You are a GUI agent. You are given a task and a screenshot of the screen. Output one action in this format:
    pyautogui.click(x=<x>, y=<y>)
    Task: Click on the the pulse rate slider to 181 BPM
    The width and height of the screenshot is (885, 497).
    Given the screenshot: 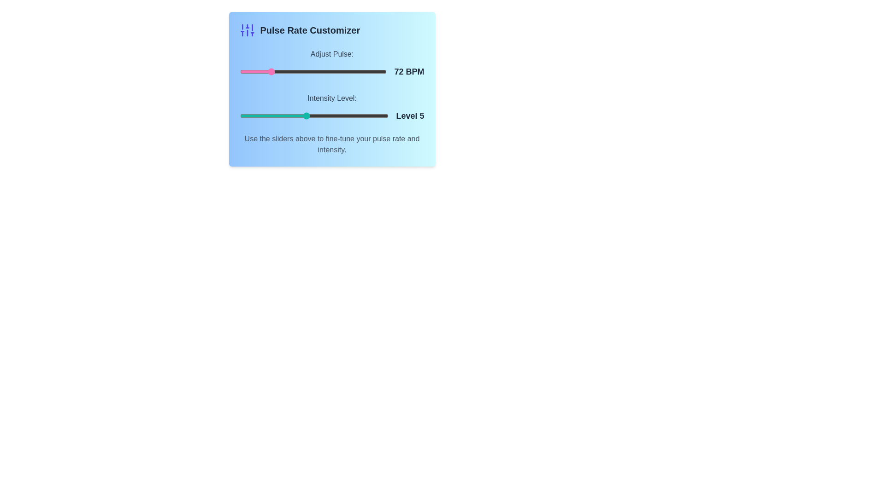 What is the action you would take?
    pyautogui.click(x=369, y=71)
    